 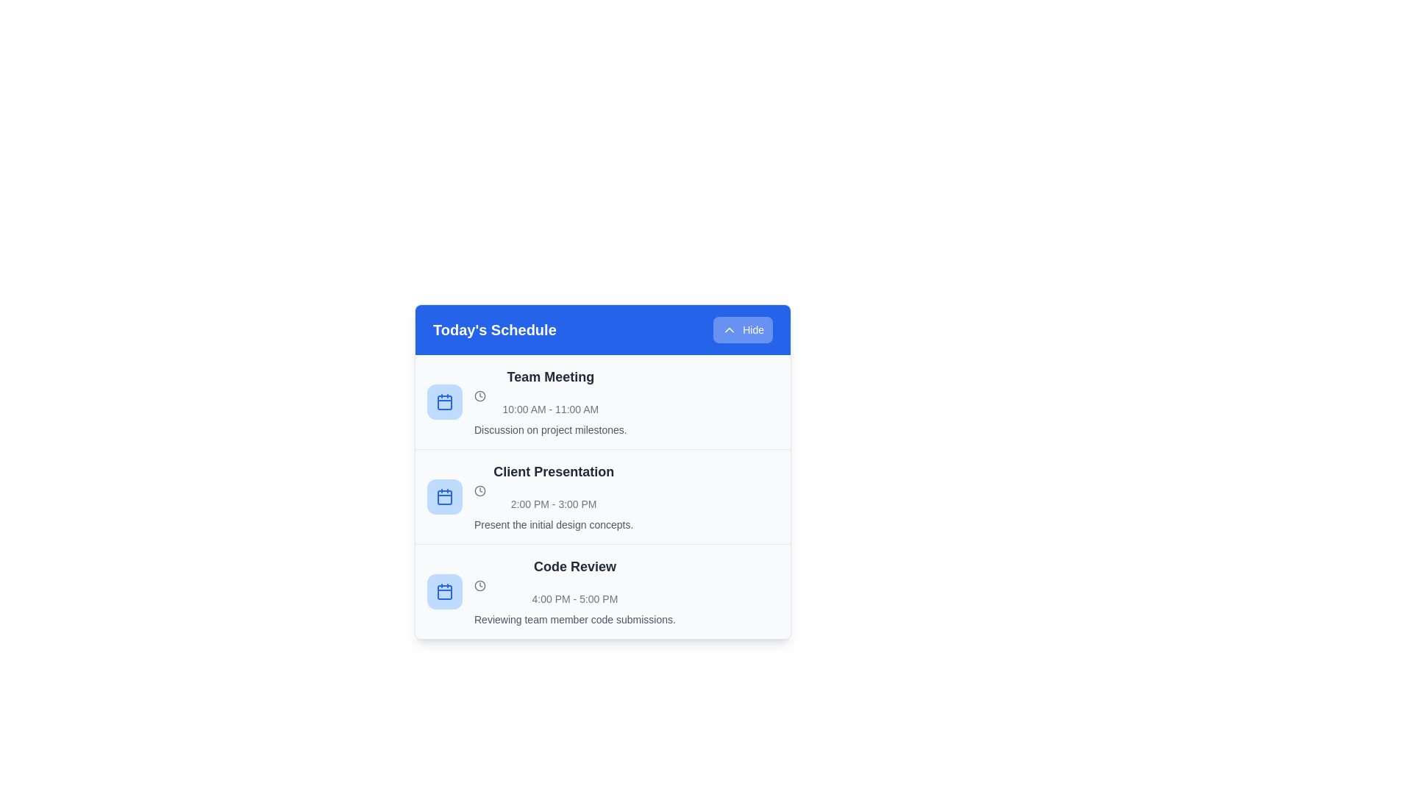 What do you see at coordinates (443, 496) in the screenshot?
I see `the representation of the blue calendar icon located within the second event entry of the vertical schedule list` at bounding box center [443, 496].